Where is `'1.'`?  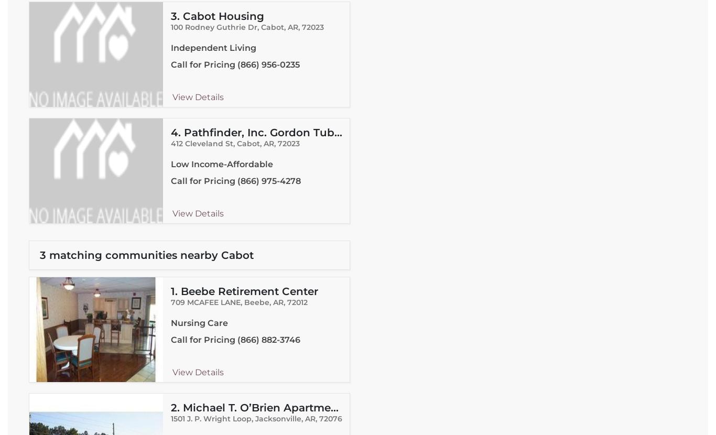
'1.' is located at coordinates (170, 291).